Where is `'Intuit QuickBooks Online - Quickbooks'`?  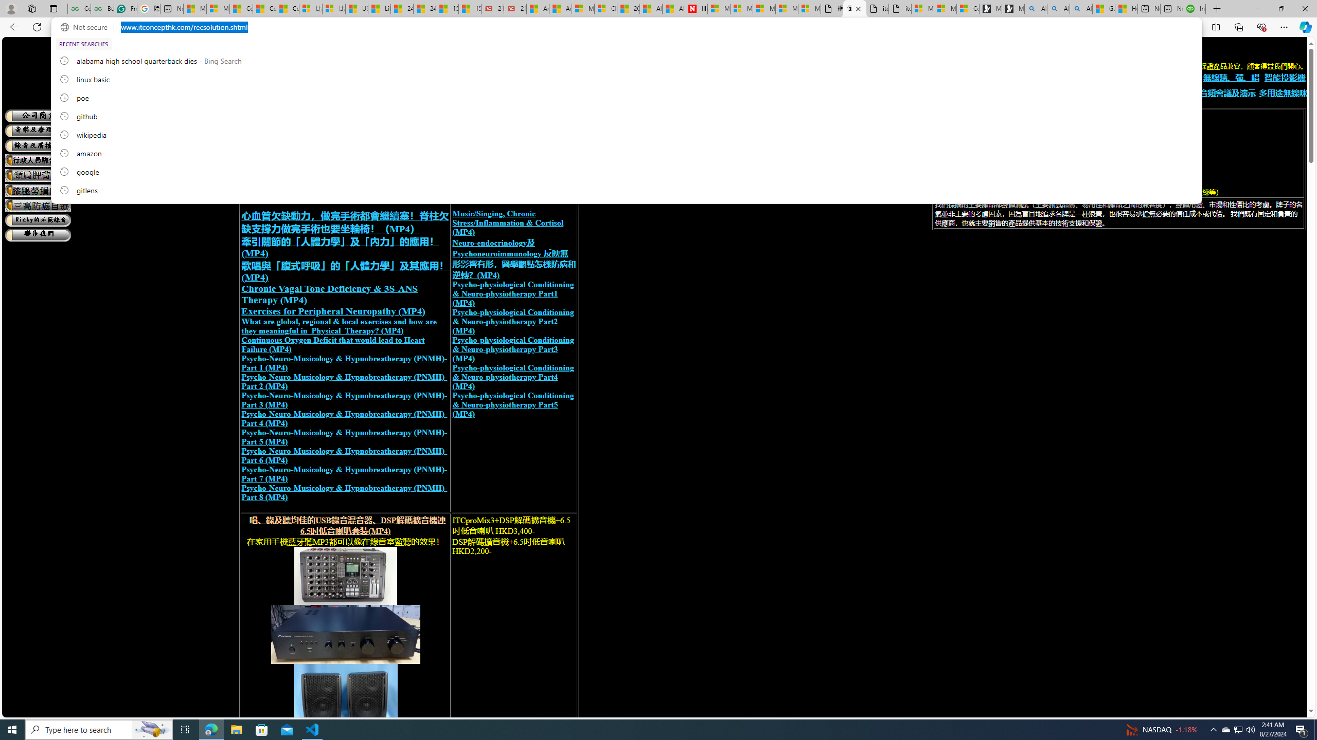
'Intuit QuickBooks Online - Quickbooks' is located at coordinates (1194, 8).